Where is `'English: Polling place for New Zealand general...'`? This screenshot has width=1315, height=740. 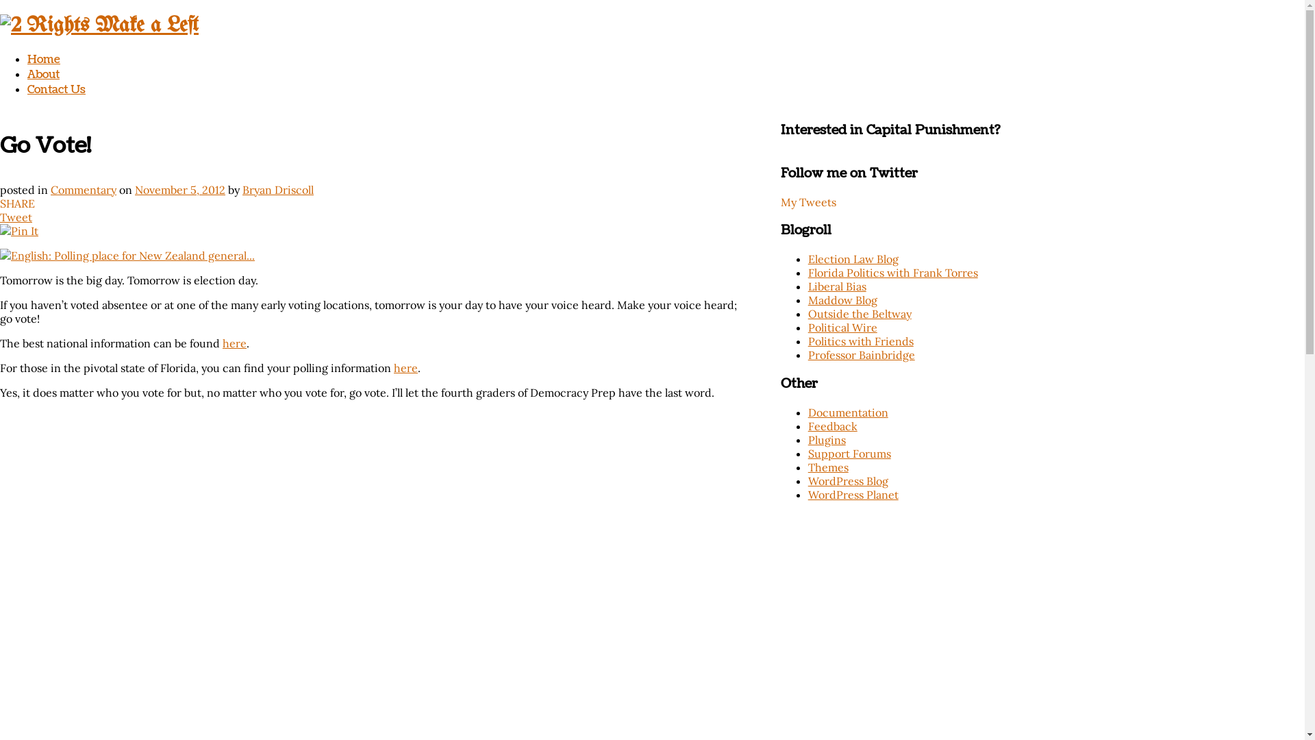 'English: Polling place for New Zealand general...' is located at coordinates (127, 256).